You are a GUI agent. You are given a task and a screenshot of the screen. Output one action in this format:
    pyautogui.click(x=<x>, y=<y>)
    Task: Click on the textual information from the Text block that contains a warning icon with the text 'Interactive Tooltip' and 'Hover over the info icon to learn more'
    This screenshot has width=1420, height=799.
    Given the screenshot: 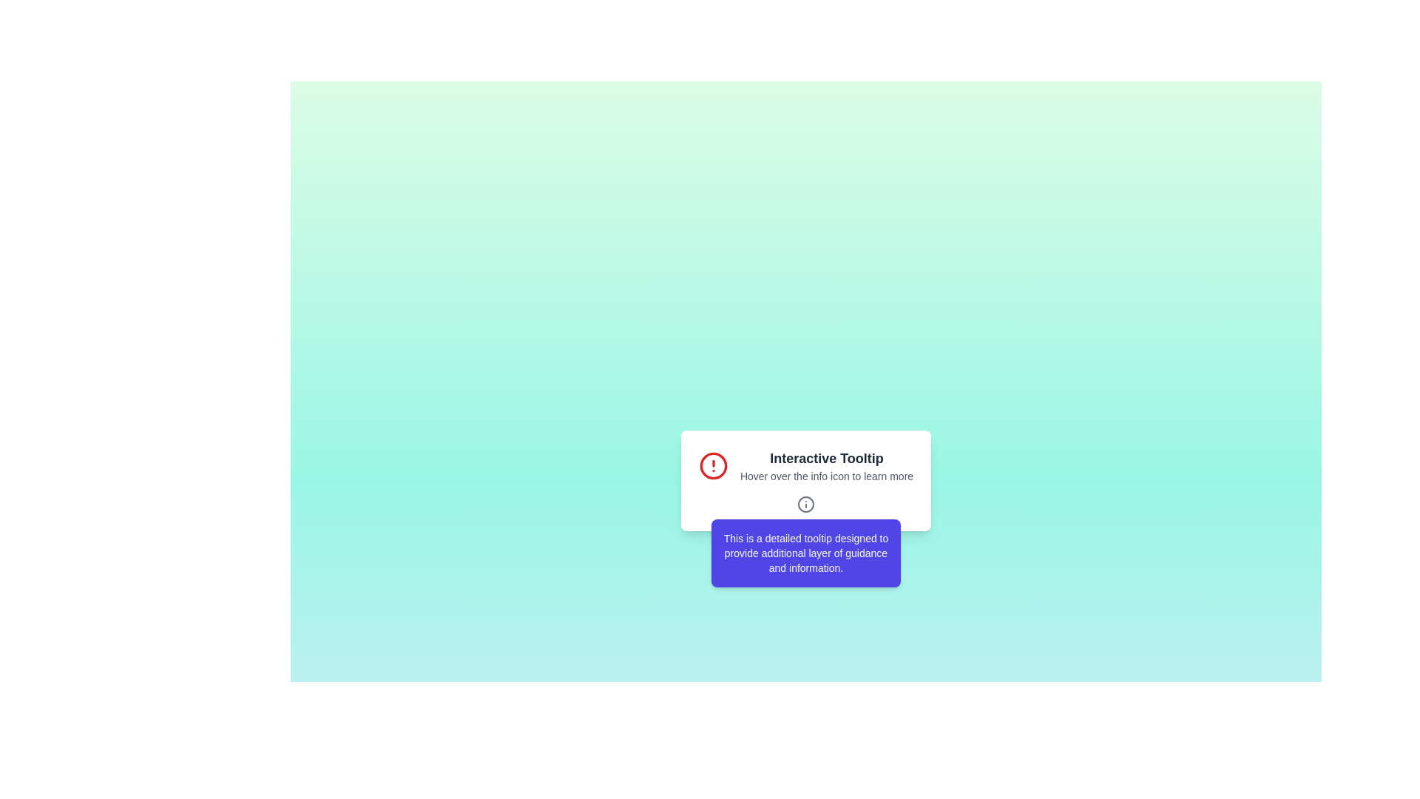 What is the action you would take?
    pyautogui.click(x=805, y=465)
    